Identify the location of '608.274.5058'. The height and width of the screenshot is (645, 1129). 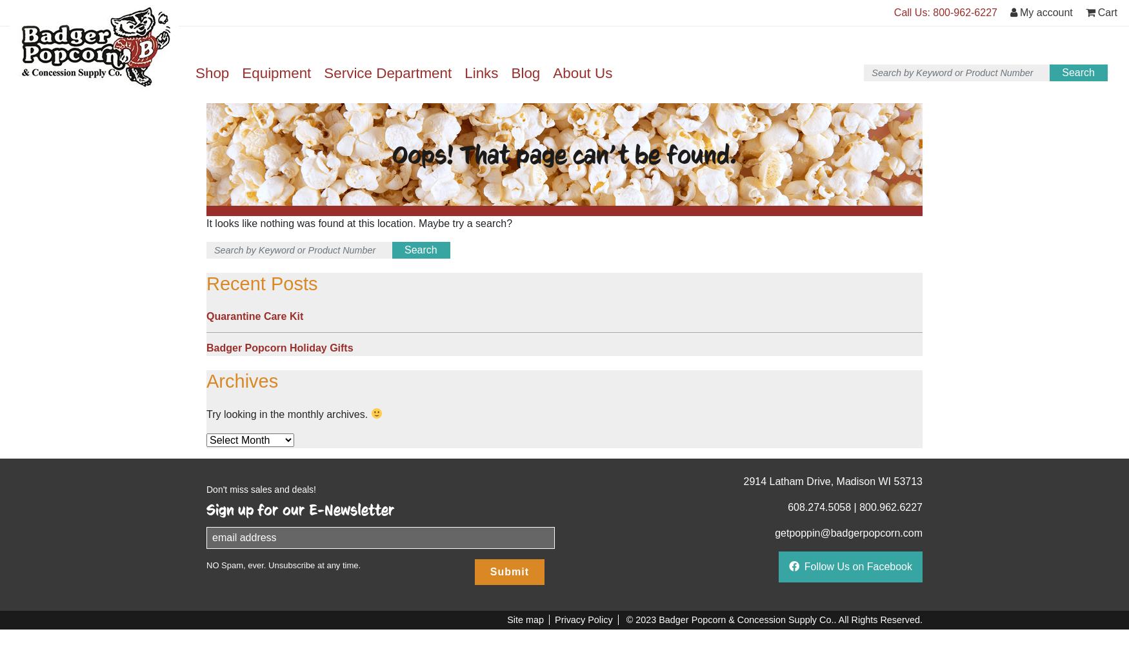
(818, 506).